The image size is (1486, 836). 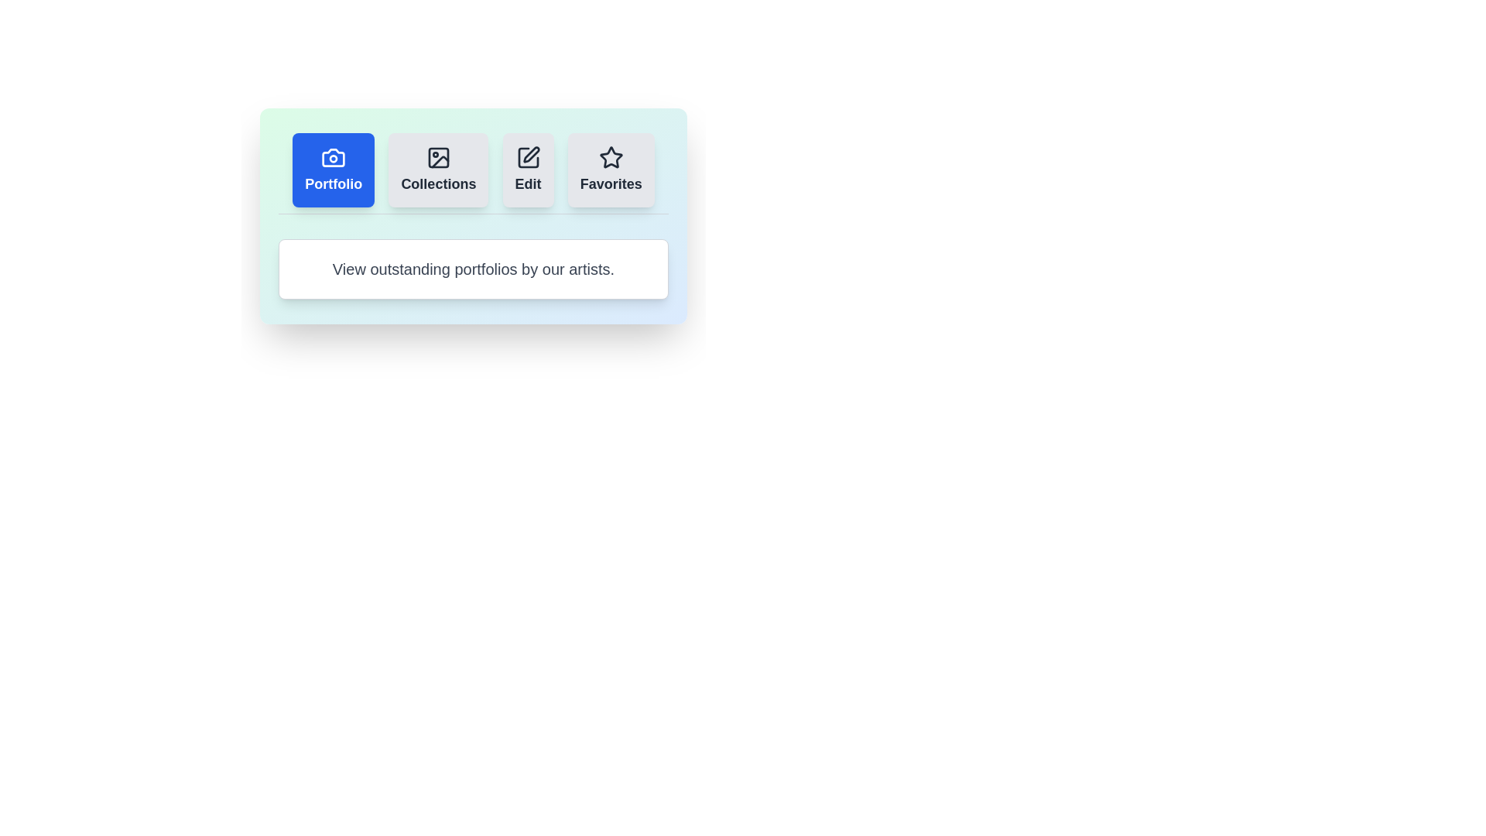 I want to click on the Collections tab by clicking on its button, so click(x=437, y=170).